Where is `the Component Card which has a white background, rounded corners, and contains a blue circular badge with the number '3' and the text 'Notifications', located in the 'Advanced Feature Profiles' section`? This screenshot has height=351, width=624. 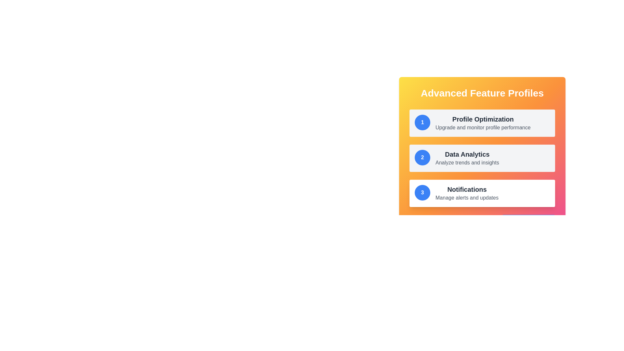 the Component Card which has a white background, rounded corners, and contains a blue circular badge with the number '3' and the text 'Notifications', located in the 'Advanced Feature Profiles' section is located at coordinates (482, 193).